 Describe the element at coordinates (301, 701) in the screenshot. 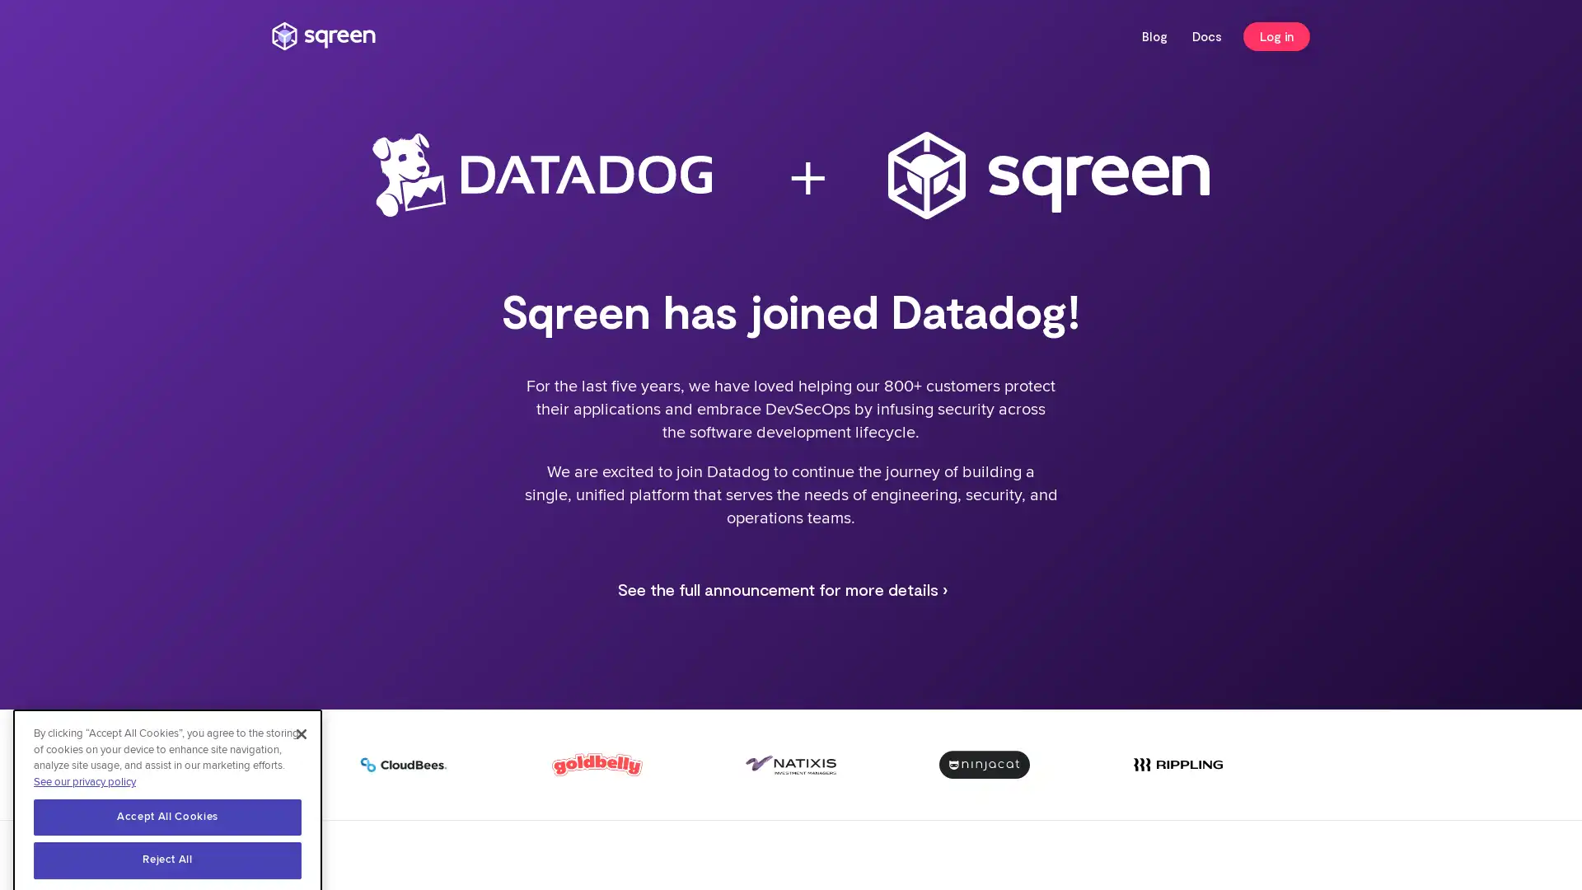

I see `Close` at that location.